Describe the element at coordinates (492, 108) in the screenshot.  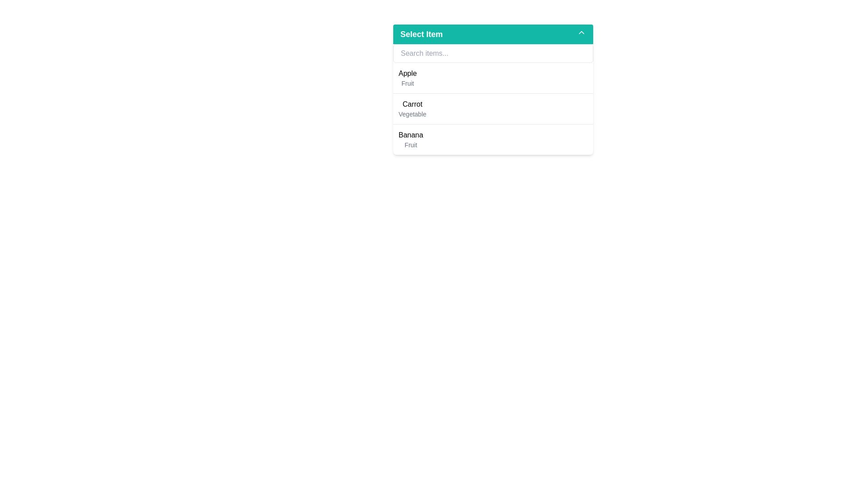
I see `the second item in the dropdown menu to trigger hover effects for the 'Carrot' option` at that location.